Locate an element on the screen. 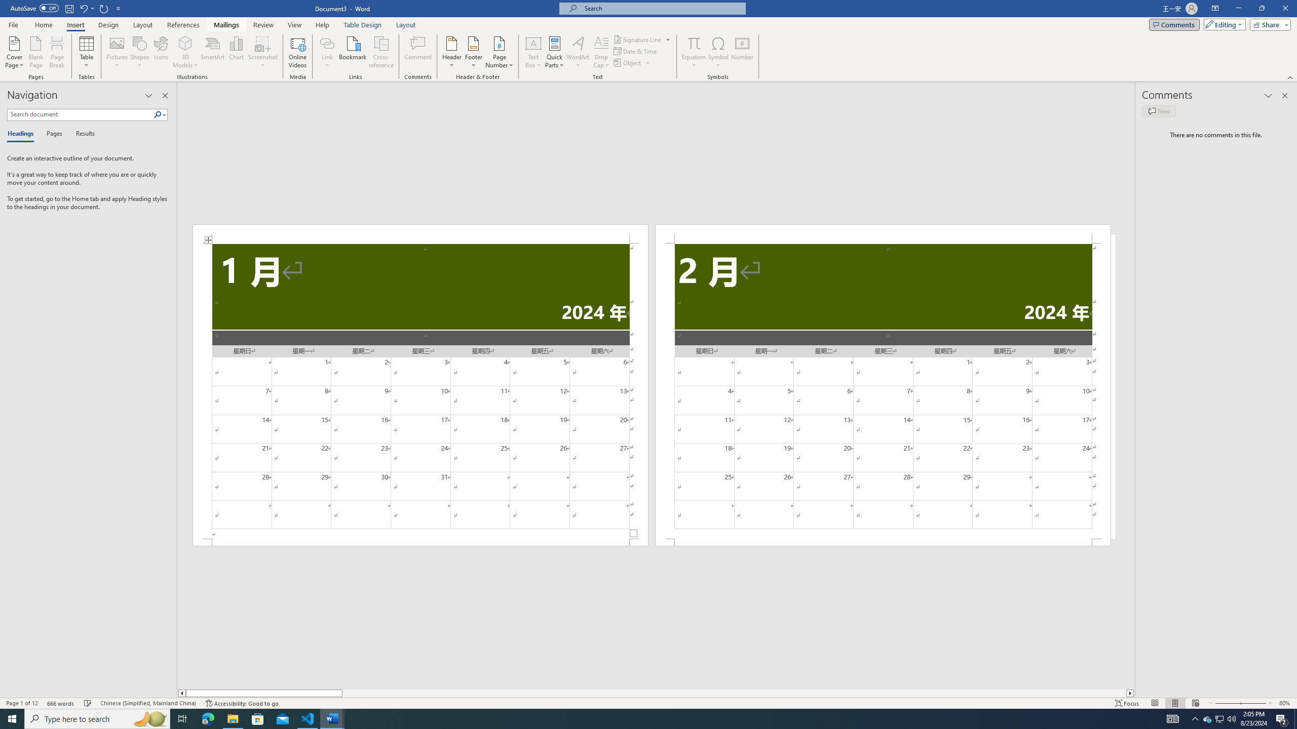 The height and width of the screenshot is (729, 1297). 'Header -Section 2-' is located at coordinates (883, 234).